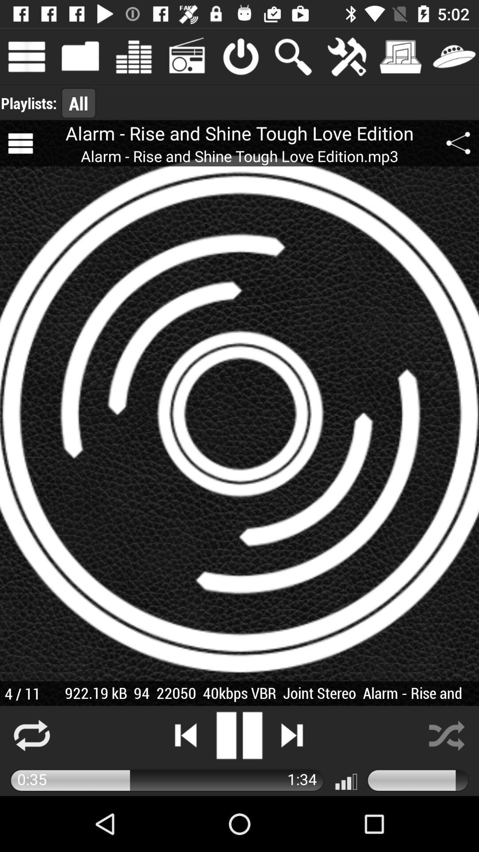  What do you see at coordinates (186, 735) in the screenshot?
I see `the skip_previous icon` at bounding box center [186, 735].